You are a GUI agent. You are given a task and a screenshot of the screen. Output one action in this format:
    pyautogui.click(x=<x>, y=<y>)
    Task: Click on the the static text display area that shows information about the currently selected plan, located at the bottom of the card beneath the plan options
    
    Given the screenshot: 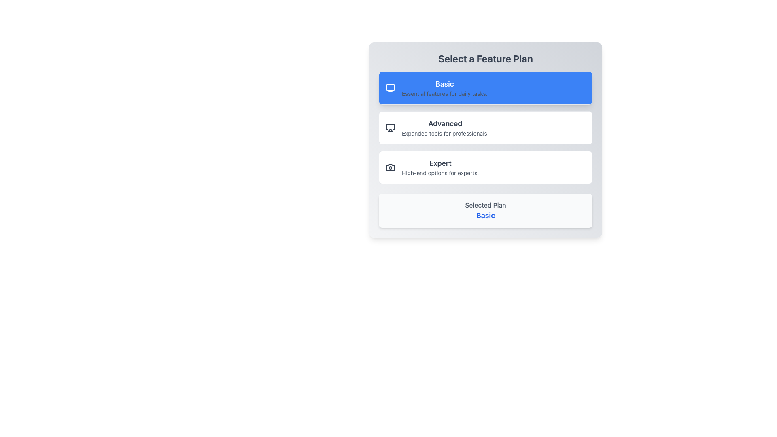 What is the action you would take?
    pyautogui.click(x=486, y=210)
    